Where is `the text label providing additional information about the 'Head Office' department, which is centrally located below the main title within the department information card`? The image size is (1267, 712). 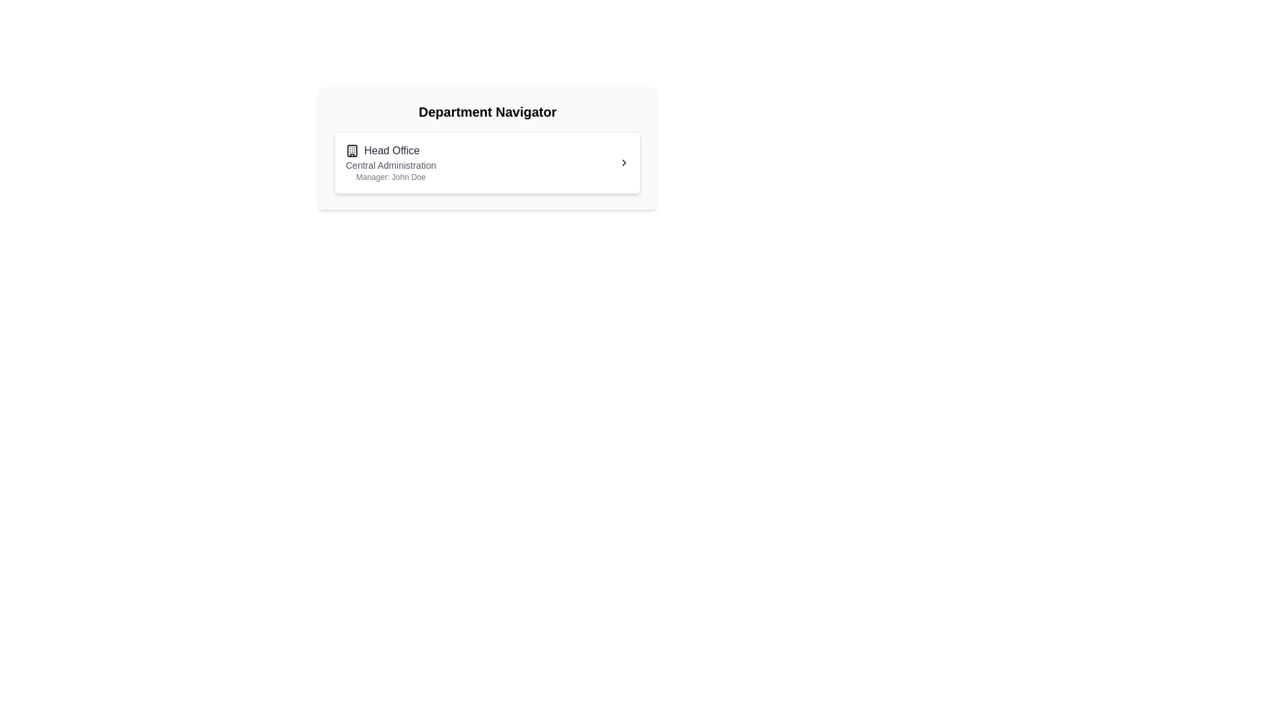
the text label providing additional information about the 'Head Office' department, which is centrally located below the main title within the department information card is located at coordinates (390, 164).